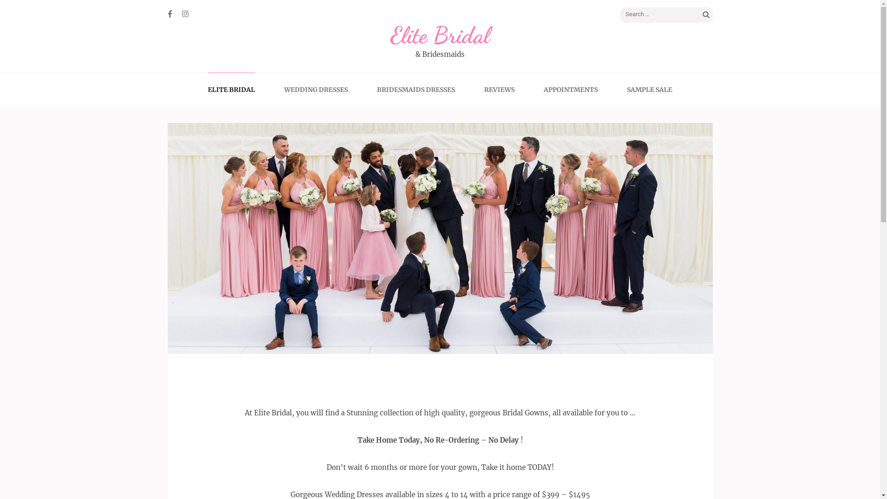 Image resolution: width=887 pixels, height=499 pixels. What do you see at coordinates (570, 89) in the screenshot?
I see `'APPOINTMENTS'` at bounding box center [570, 89].